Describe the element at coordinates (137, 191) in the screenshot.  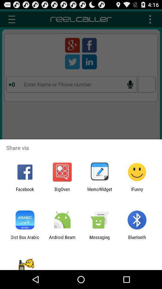
I see `the icon next to the memowidget` at that location.